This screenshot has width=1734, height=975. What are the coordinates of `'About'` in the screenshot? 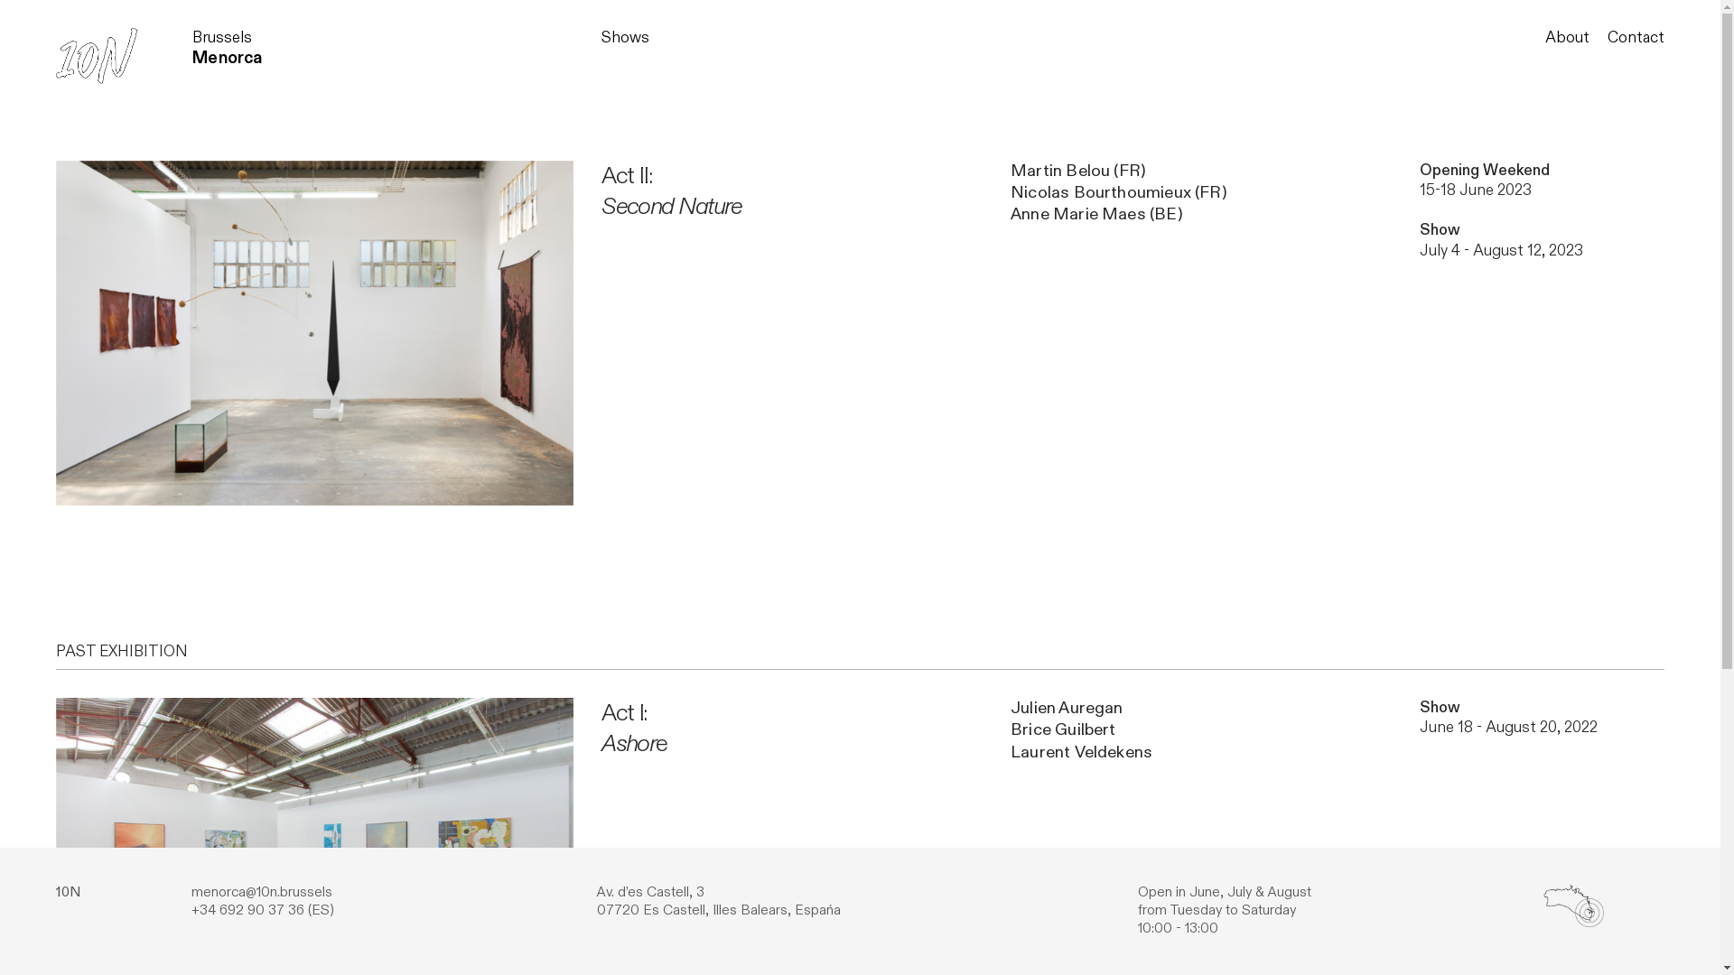 It's located at (1566, 37).